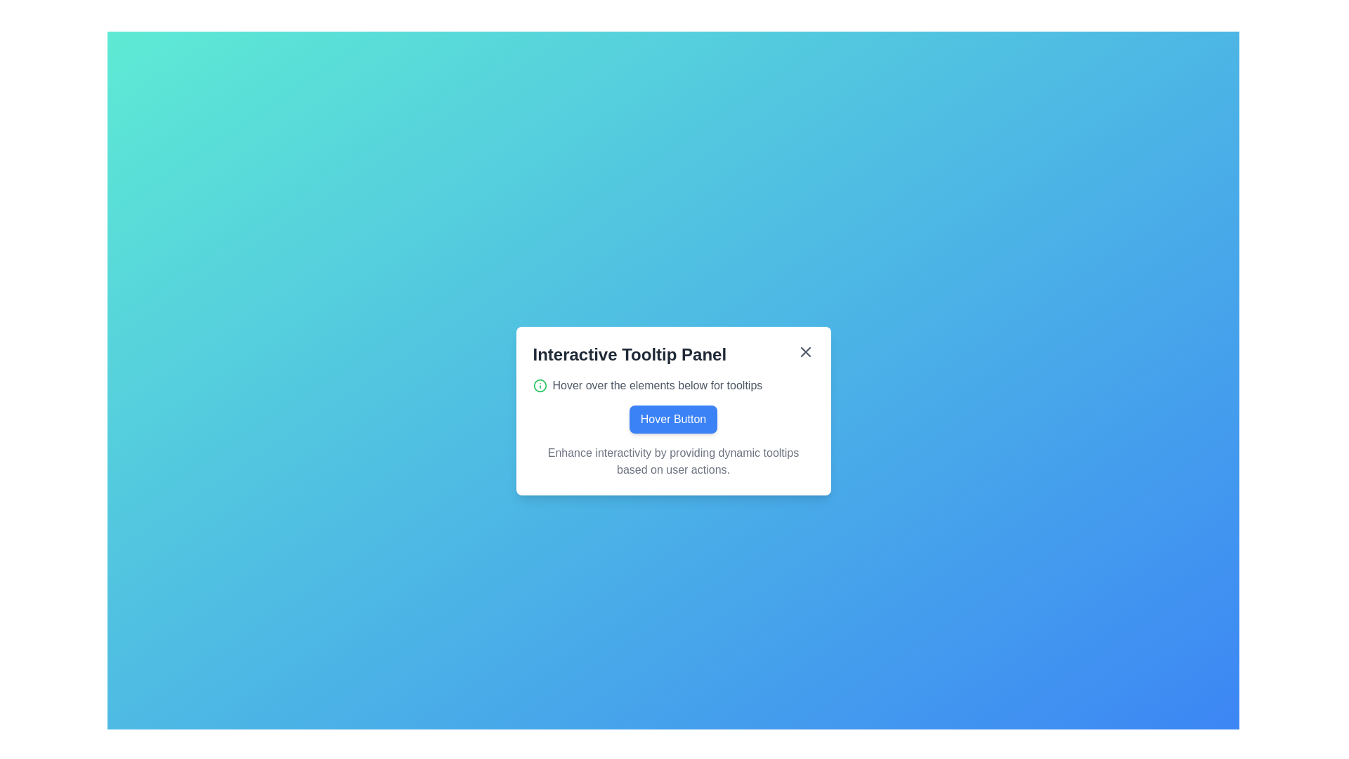  I want to click on the SVG circle element located within the tooltip panel, which serves as an additional information marker near the text 'Hover over the elements below for tooltips', so click(539, 385).